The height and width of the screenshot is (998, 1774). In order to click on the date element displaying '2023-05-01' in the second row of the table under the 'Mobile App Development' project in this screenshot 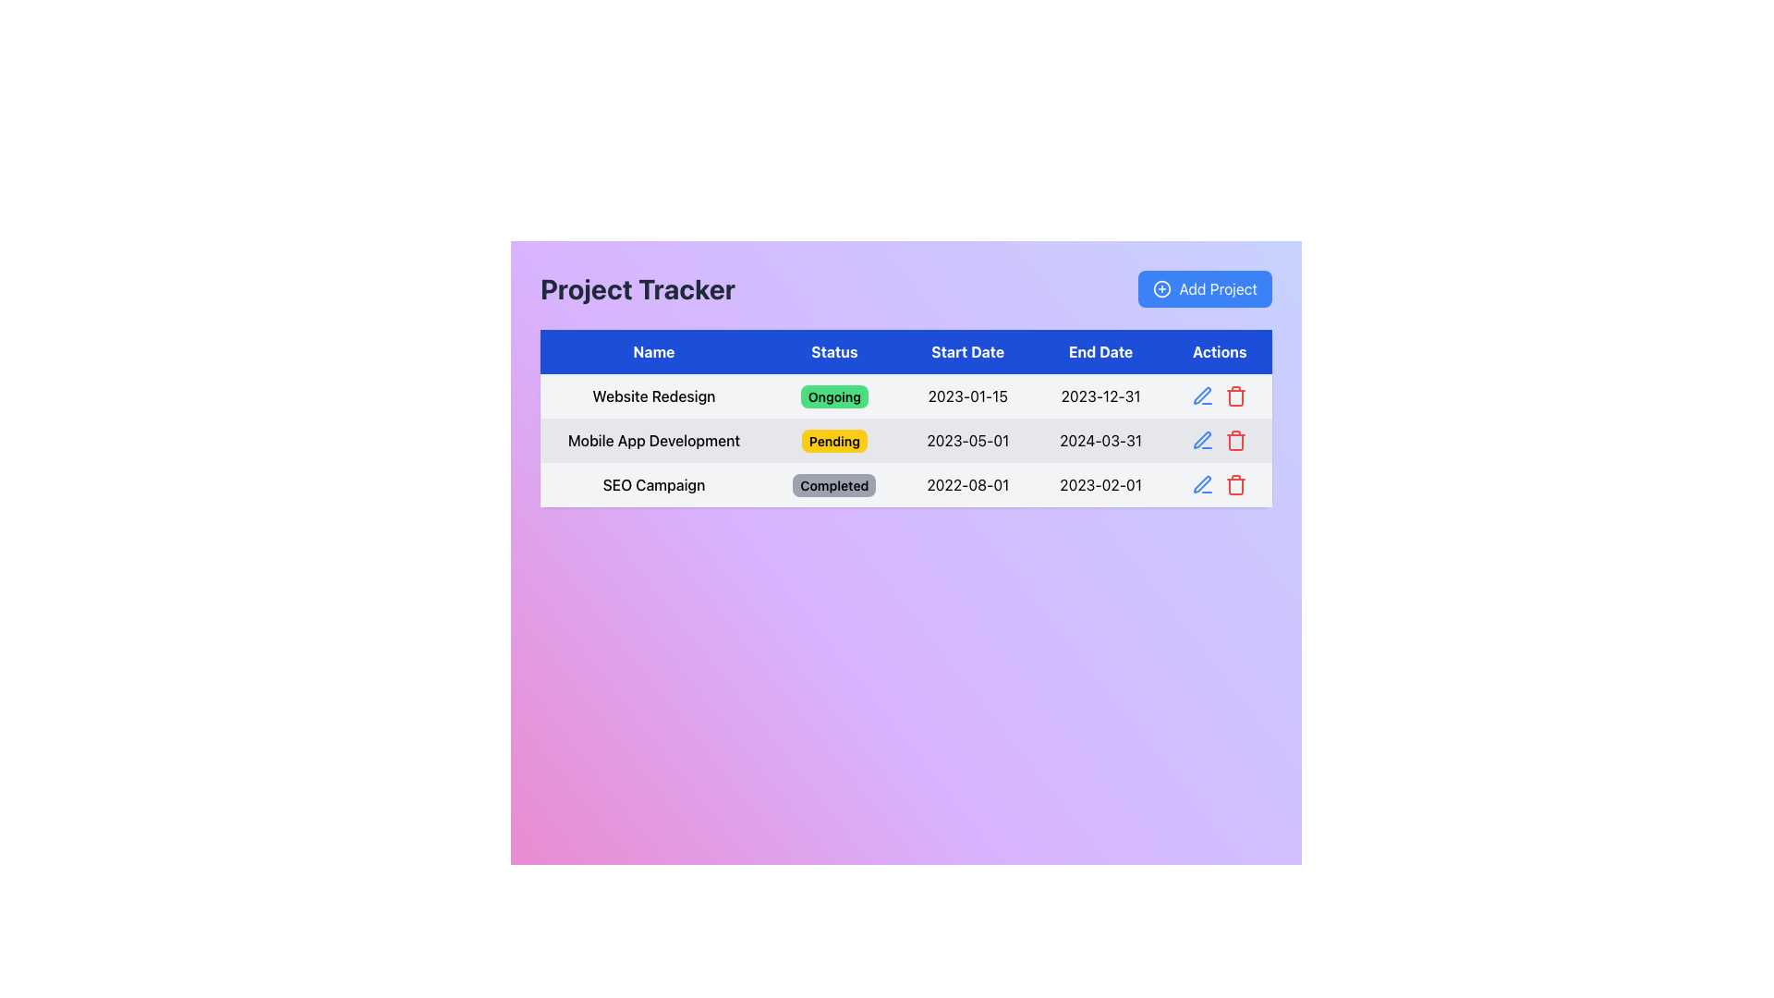, I will do `click(966, 441)`.